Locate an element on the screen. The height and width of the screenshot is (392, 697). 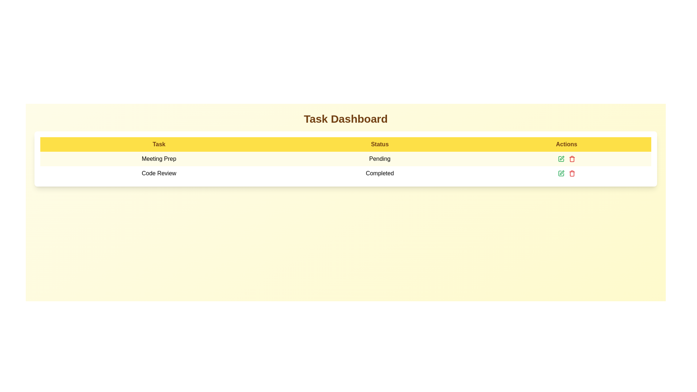
the delete button located in the second row under the 'Actions' column of the table is located at coordinates (571, 173).